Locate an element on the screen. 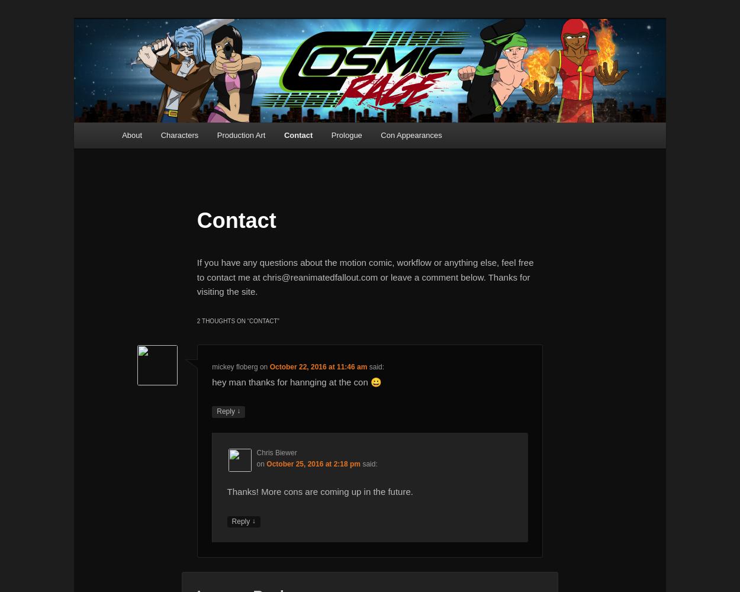 This screenshot has width=740, height=592. 'October 22, 2016 at 11:46 am' is located at coordinates (318, 366).